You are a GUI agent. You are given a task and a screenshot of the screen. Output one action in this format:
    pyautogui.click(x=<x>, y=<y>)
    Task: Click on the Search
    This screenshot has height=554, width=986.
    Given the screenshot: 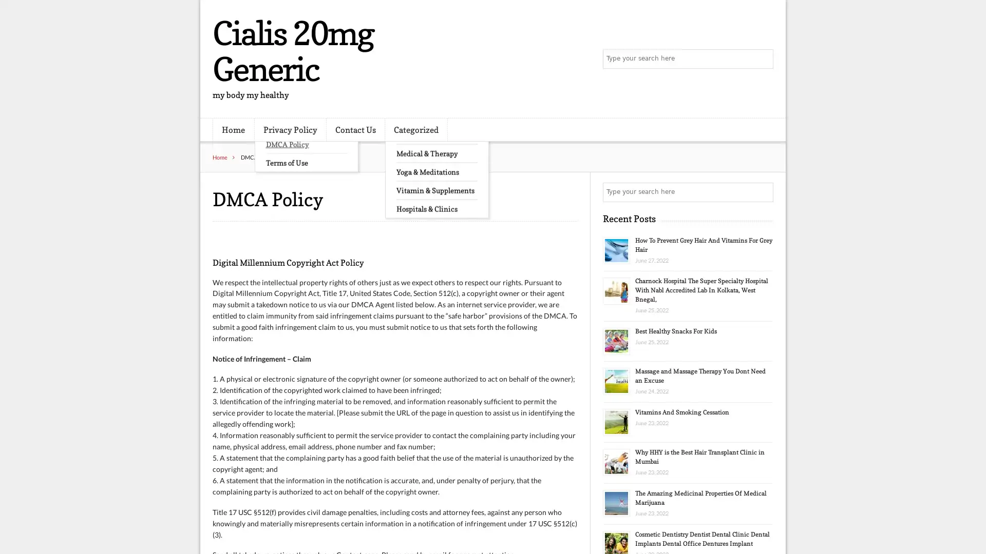 What is the action you would take?
    pyautogui.click(x=763, y=192)
    